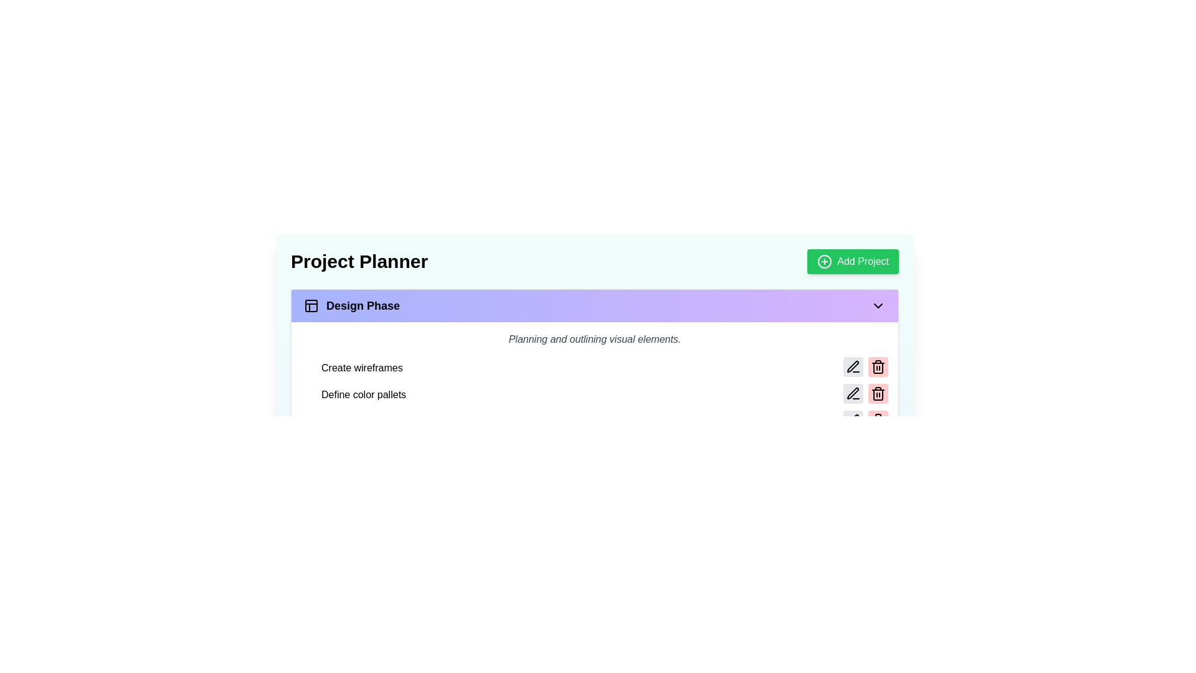 The height and width of the screenshot is (673, 1196). What do you see at coordinates (878, 366) in the screenshot?
I see `the delete button icon located near the bottom right corner of the 'Design Phase' section` at bounding box center [878, 366].